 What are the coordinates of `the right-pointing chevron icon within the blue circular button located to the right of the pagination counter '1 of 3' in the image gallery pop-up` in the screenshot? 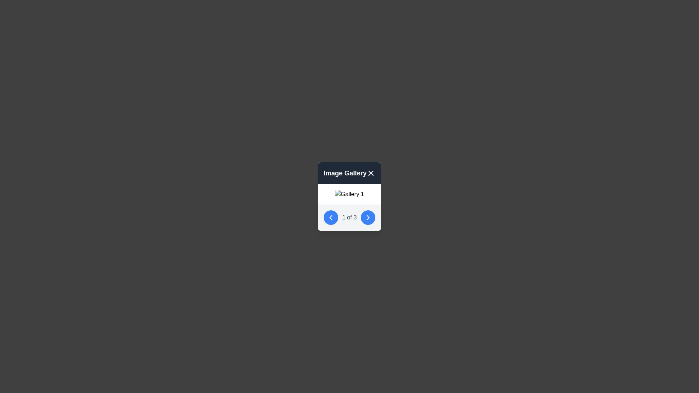 It's located at (368, 217).